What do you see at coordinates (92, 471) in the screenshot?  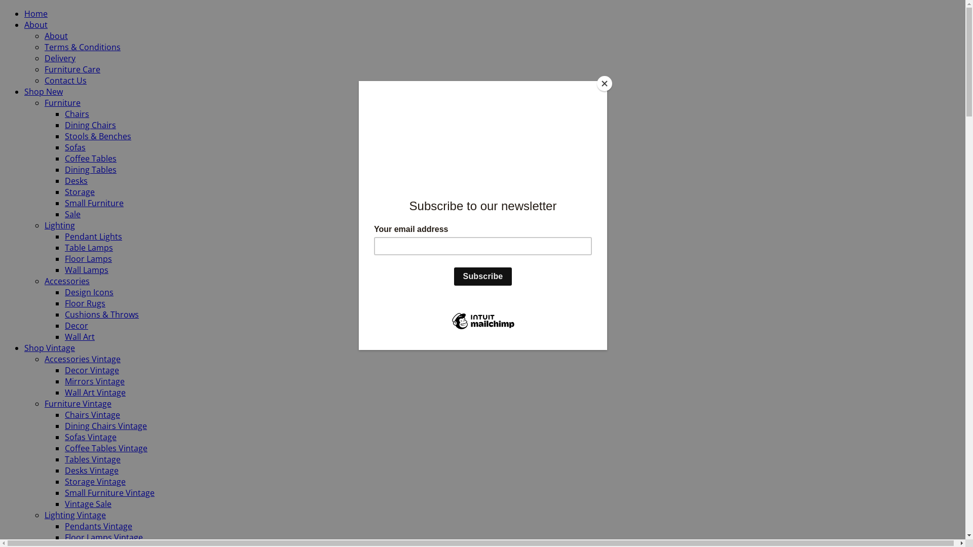 I see `'Desks Vintage'` at bounding box center [92, 471].